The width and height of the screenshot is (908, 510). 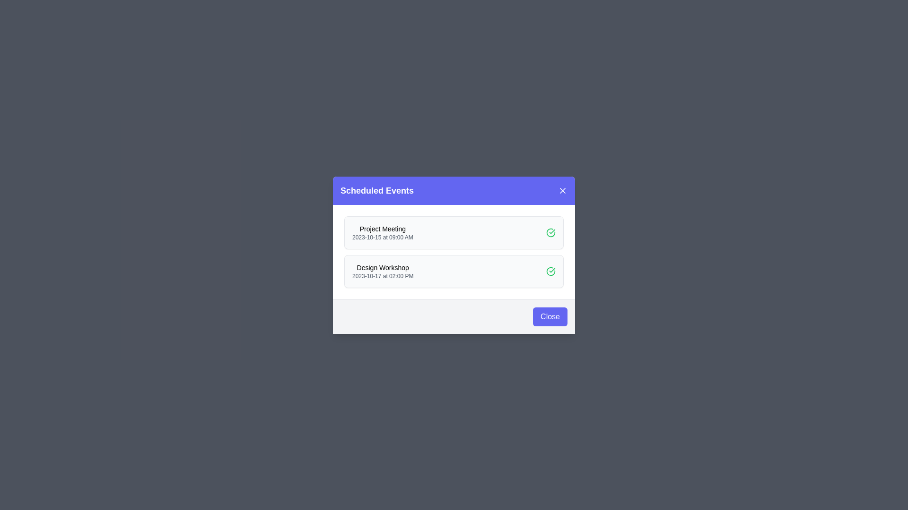 I want to click on text content of the title label for the first scheduled event, which is located at the top section of the first event card, so click(x=383, y=229).